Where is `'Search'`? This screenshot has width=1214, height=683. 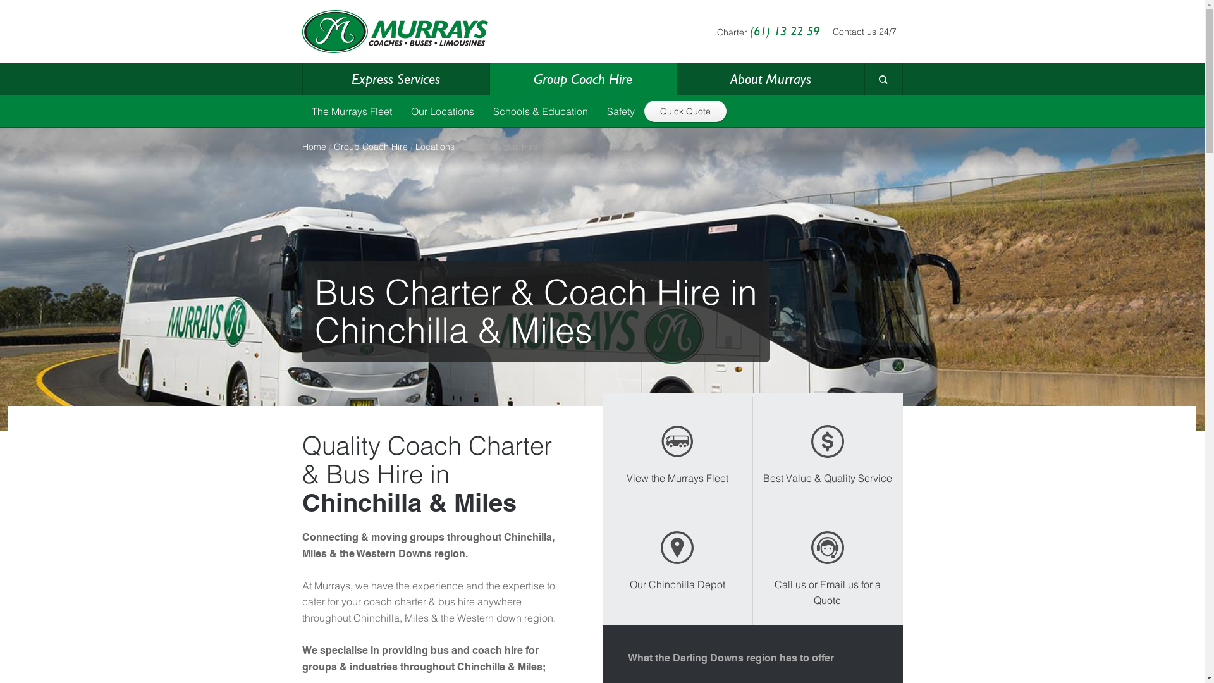
'Search' is located at coordinates (864, 102).